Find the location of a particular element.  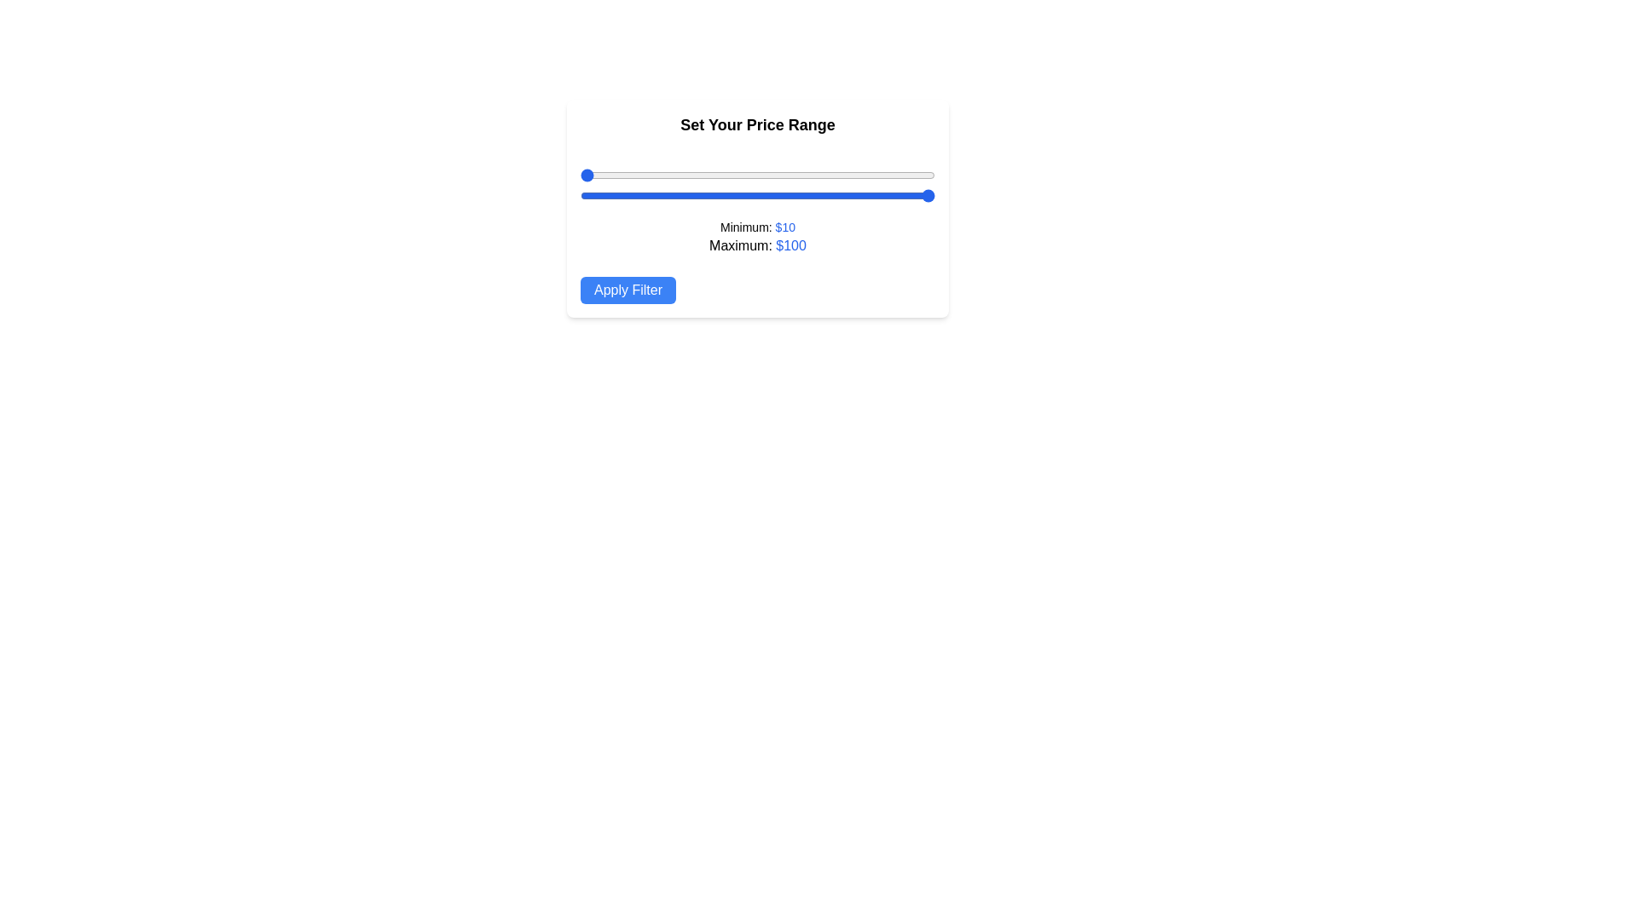

the slider position is located at coordinates (581, 175).